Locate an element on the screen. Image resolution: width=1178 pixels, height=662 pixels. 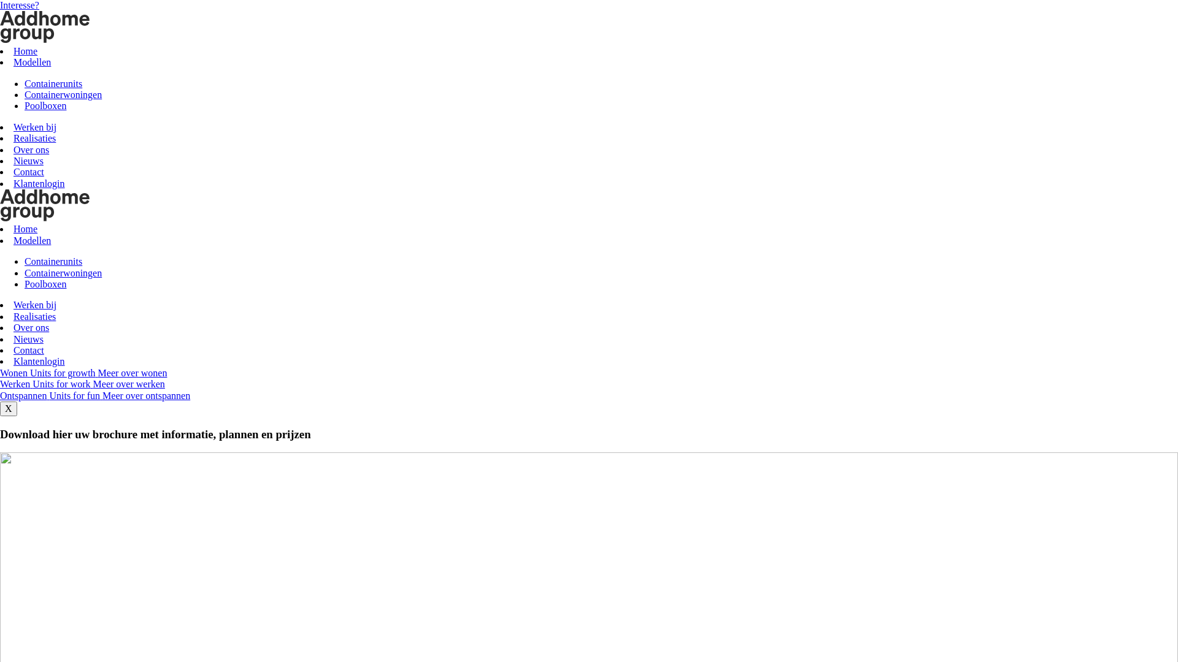
'Werken bij' is located at coordinates (35, 304).